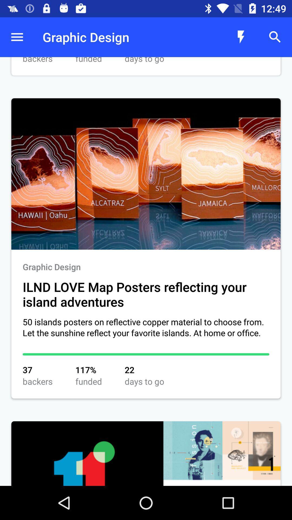 The image size is (292, 520). Describe the element at coordinates (241, 37) in the screenshot. I see `the item to the right of graphic design item` at that location.